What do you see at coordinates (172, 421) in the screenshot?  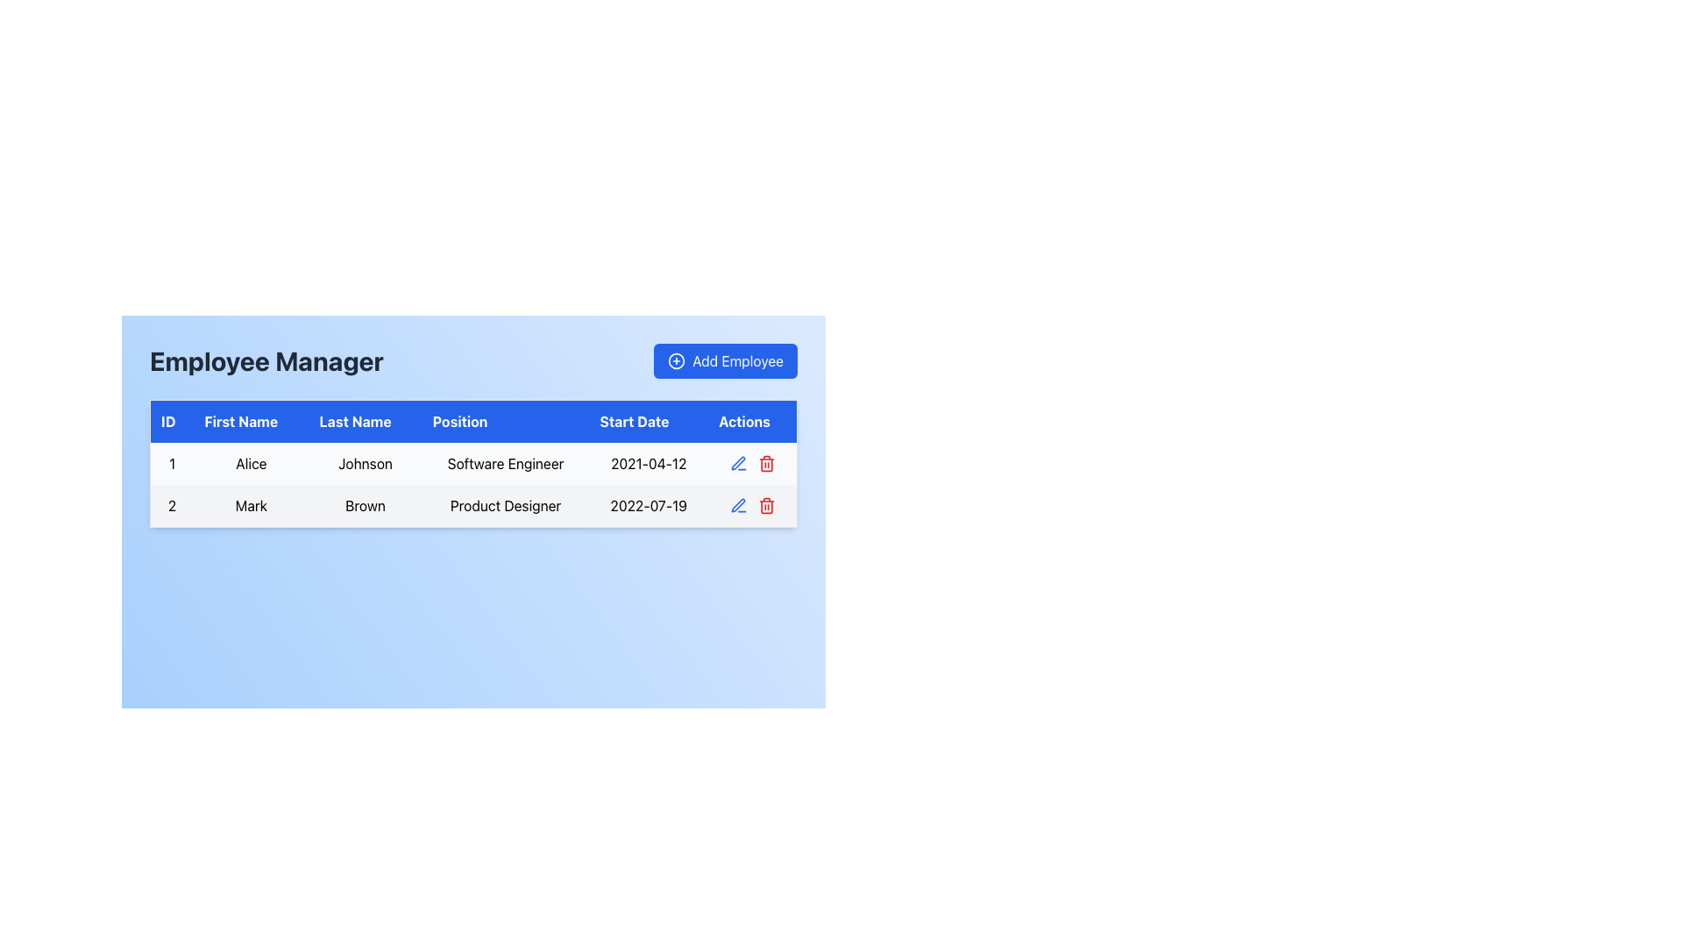 I see `the Table Header Cell that serves as the label for the column containing IDs in the table below it, located in the first column of the header row` at bounding box center [172, 421].